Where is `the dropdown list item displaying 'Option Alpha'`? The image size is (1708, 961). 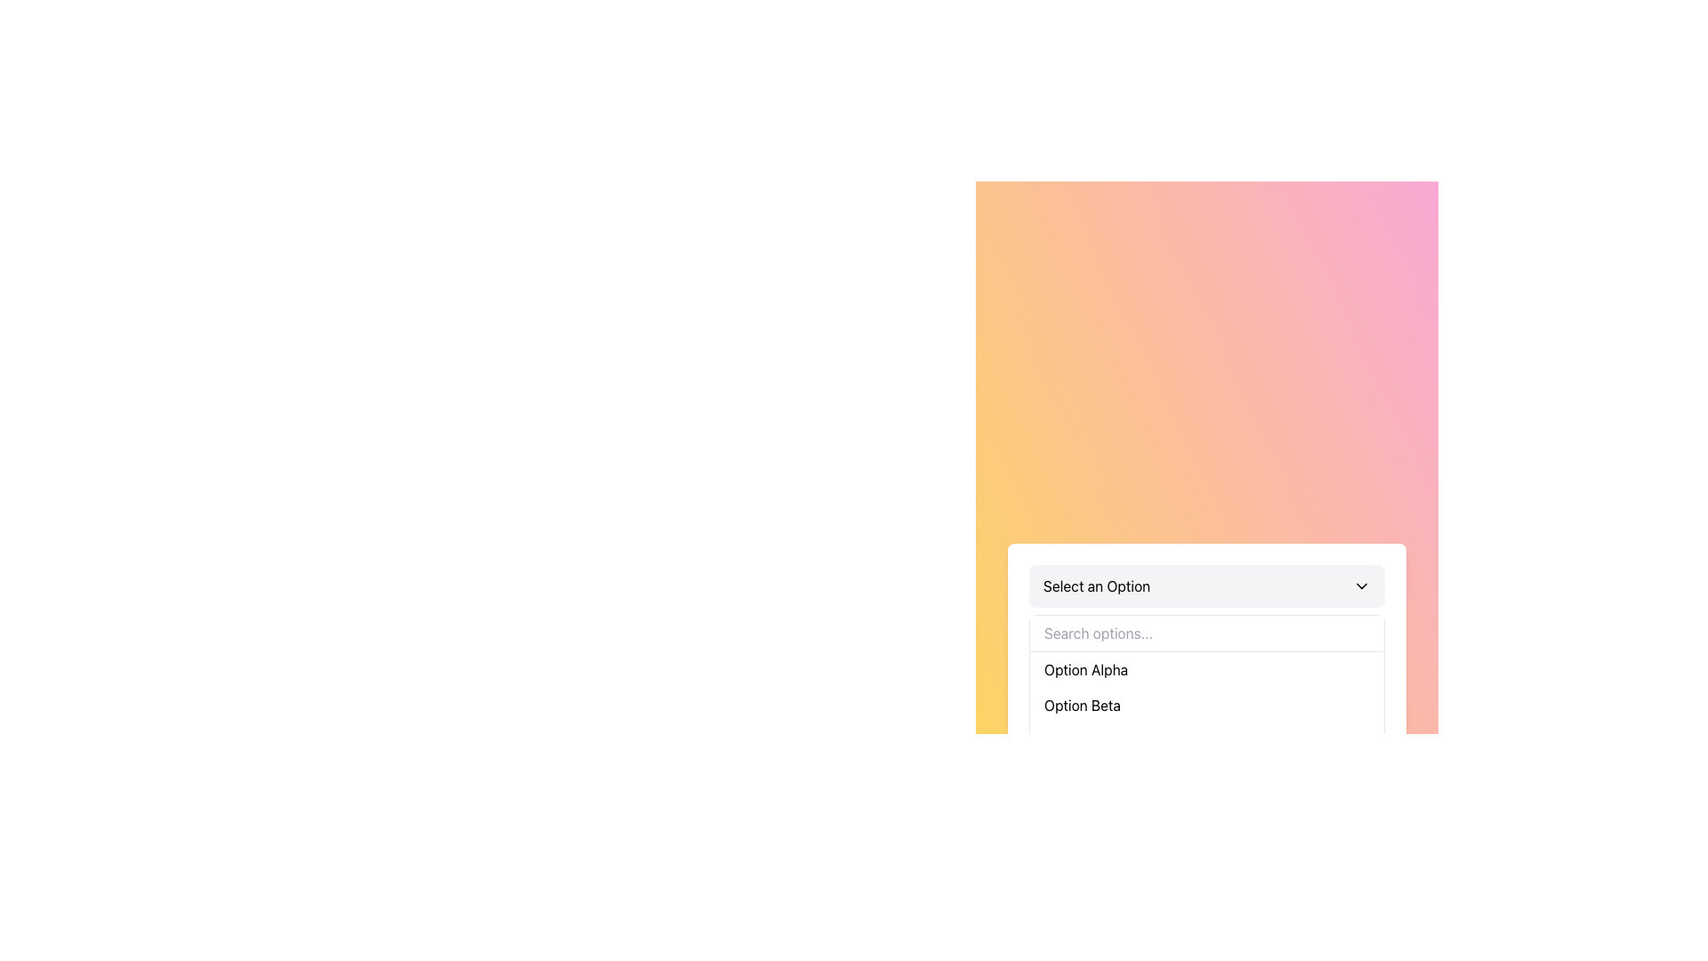
the dropdown list item displaying 'Option Alpha' is located at coordinates (1207, 669).